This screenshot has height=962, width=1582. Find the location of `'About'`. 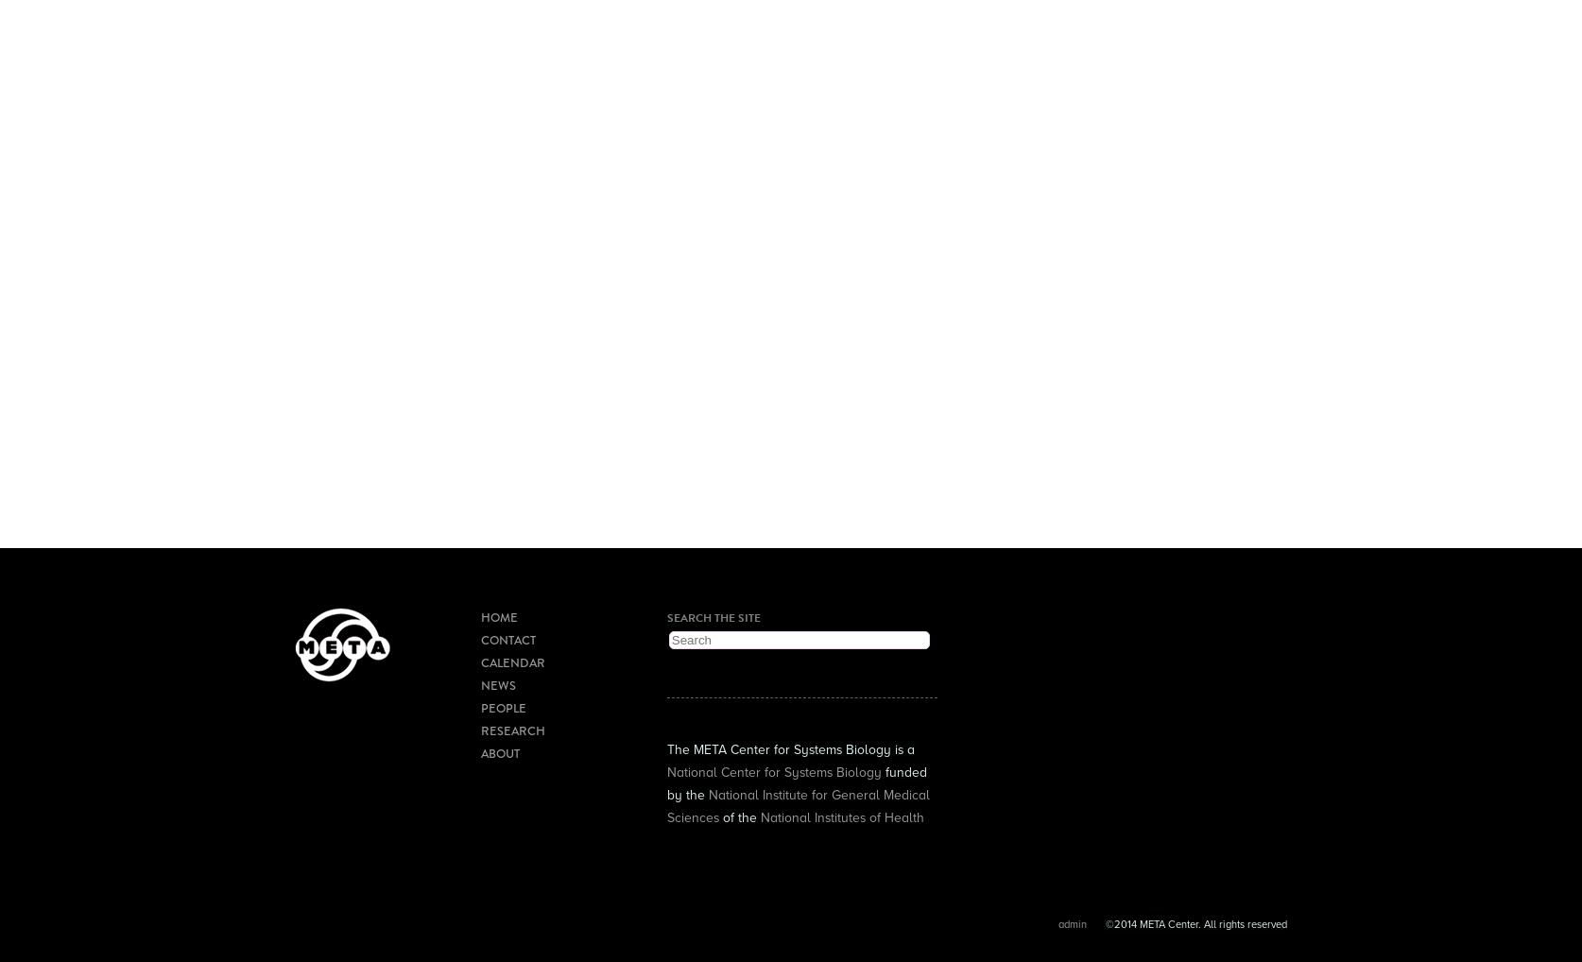

'About' is located at coordinates (498, 753).